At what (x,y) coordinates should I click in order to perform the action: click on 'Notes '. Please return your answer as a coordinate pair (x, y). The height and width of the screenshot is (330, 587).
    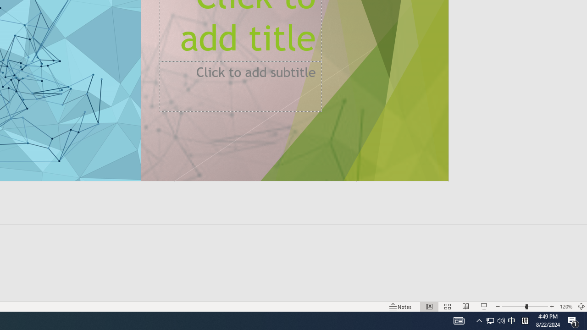
    Looking at the image, I should click on (401, 307).